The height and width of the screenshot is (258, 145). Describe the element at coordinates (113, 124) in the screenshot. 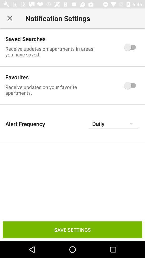

I see `daily which is on the left side of alert frequency` at that location.